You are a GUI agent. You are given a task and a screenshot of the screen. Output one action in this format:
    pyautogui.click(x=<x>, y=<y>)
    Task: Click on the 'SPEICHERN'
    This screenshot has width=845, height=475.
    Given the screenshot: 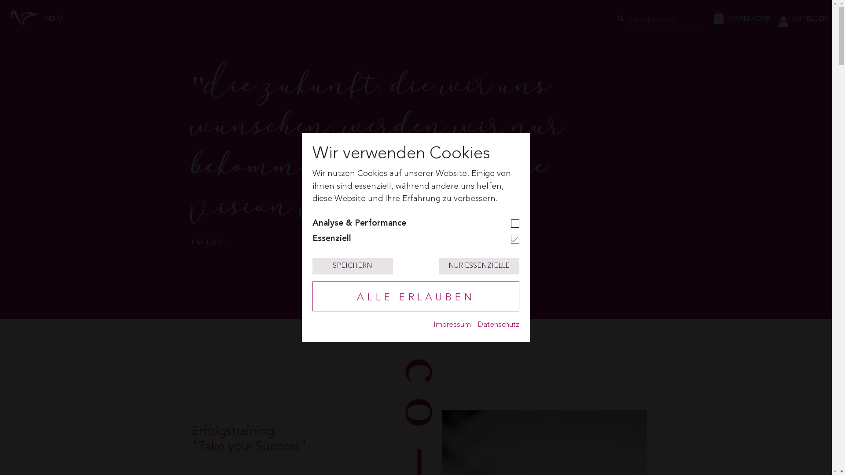 What is the action you would take?
    pyautogui.click(x=353, y=266)
    